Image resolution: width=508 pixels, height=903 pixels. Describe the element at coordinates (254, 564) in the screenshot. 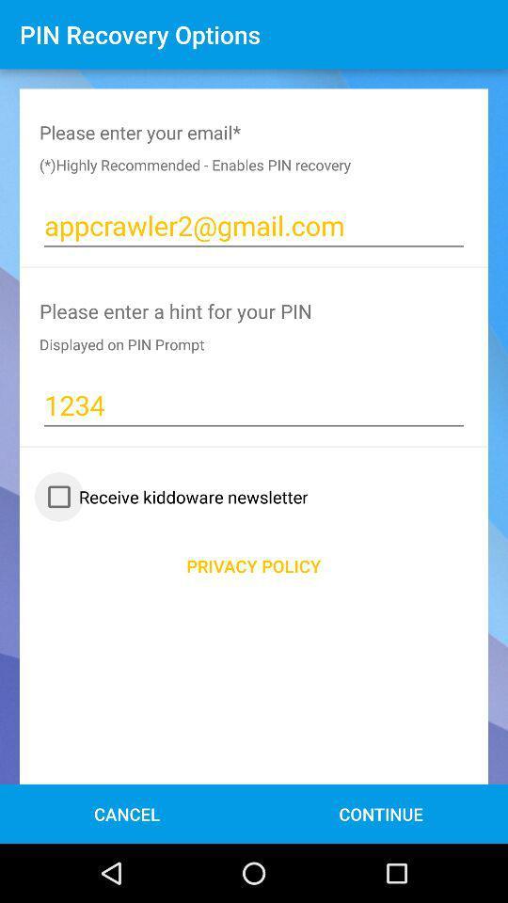

I see `the text which says privacy policy which is above the cancel` at that location.